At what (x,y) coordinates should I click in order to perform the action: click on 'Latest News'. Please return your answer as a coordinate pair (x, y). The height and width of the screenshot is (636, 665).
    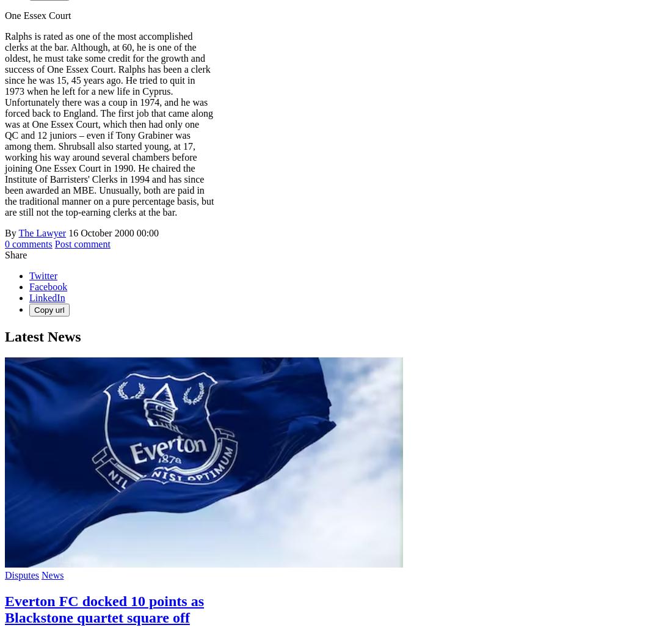
    Looking at the image, I should click on (43, 335).